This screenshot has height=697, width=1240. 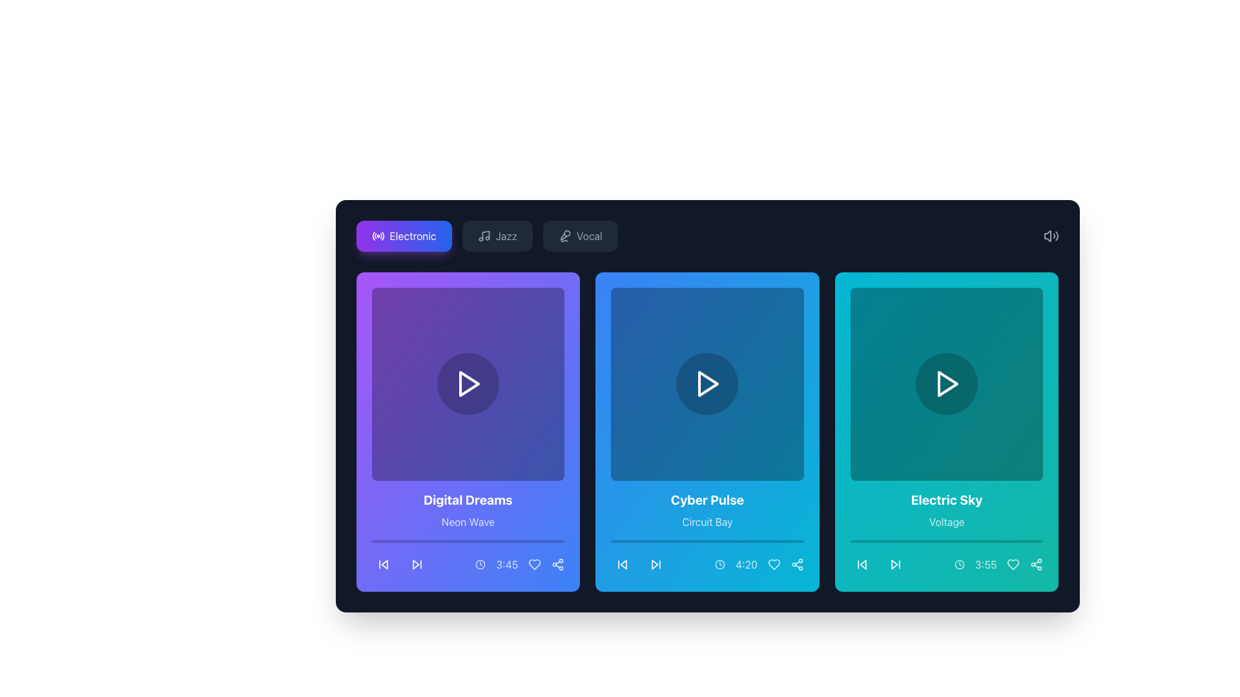 I want to click on progress bar located below the 'Electric Sky' album track card, which is black in color and centered under the subtitle 'Voltage.', so click(x=947, y=541).